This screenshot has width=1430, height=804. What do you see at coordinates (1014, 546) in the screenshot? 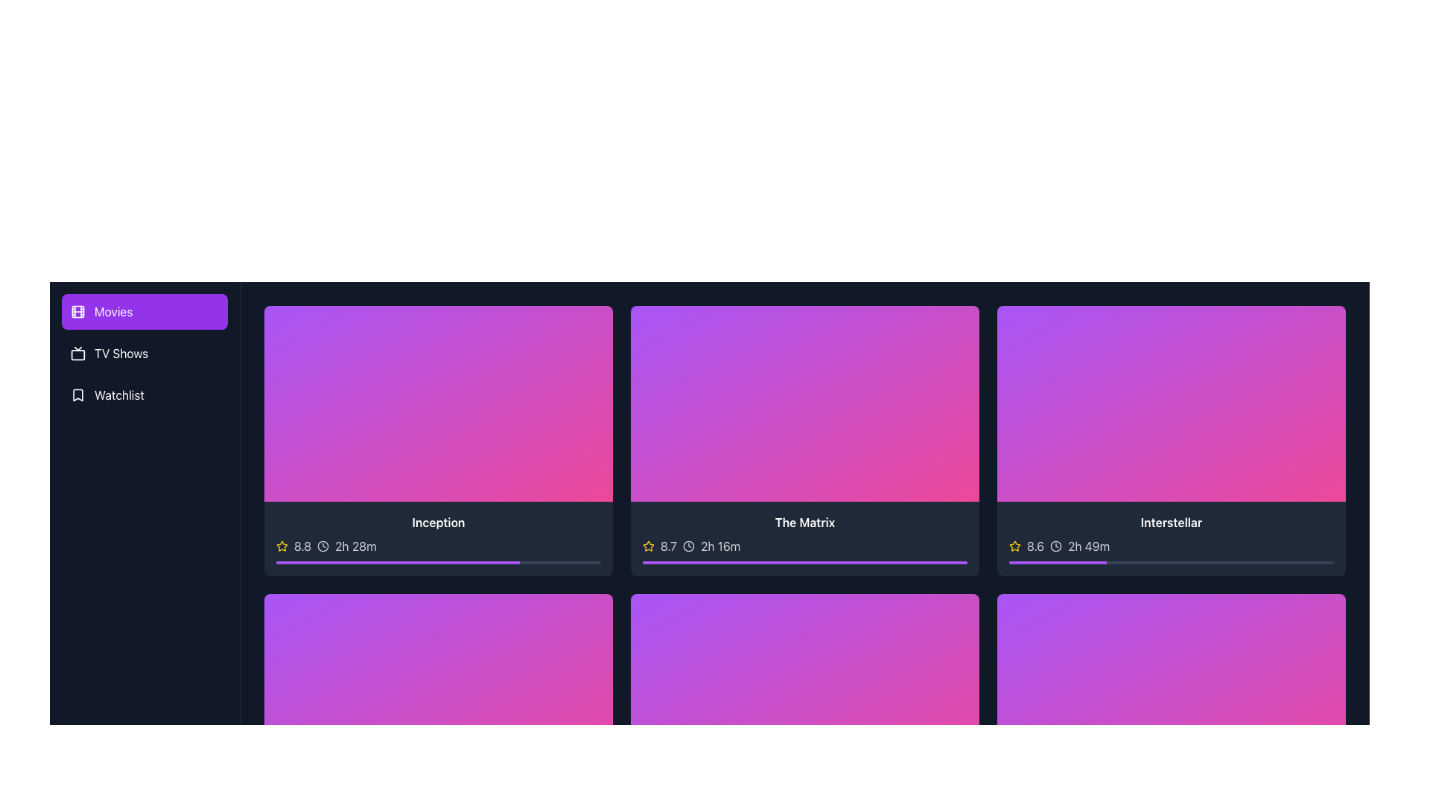
I see `the star icon with a yellow border located to the left of the numerical rating '8.6' for the 'Interstellar' movie tile` at bounding box center [1014, 546].